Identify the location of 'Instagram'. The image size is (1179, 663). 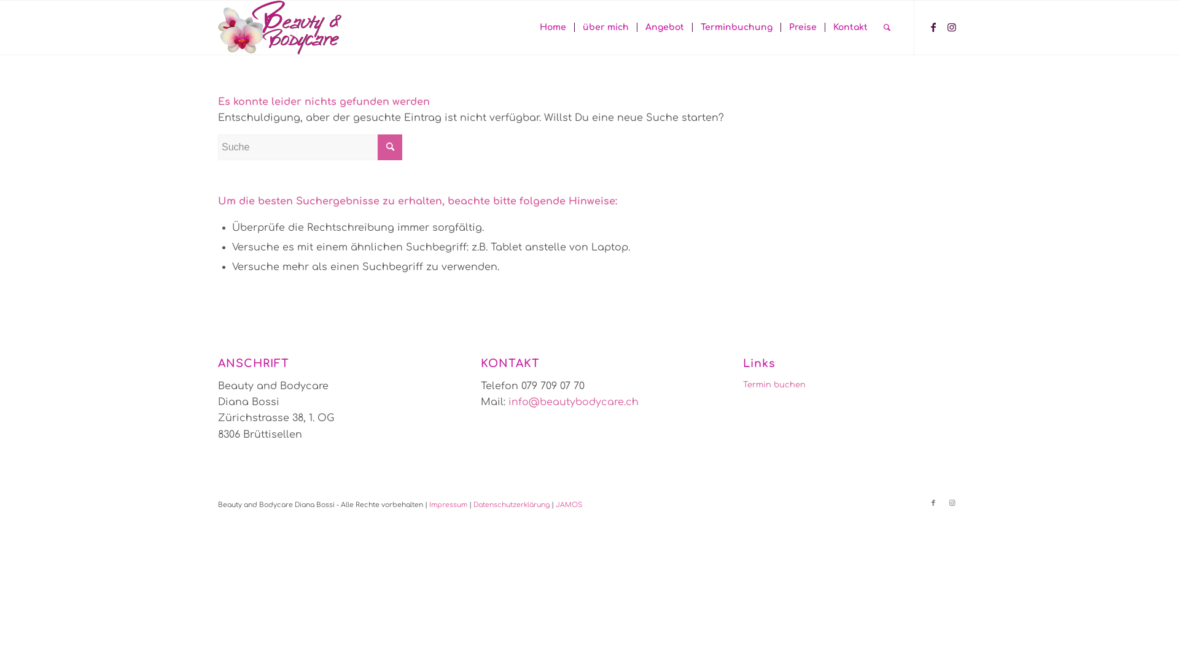
(951, 26).